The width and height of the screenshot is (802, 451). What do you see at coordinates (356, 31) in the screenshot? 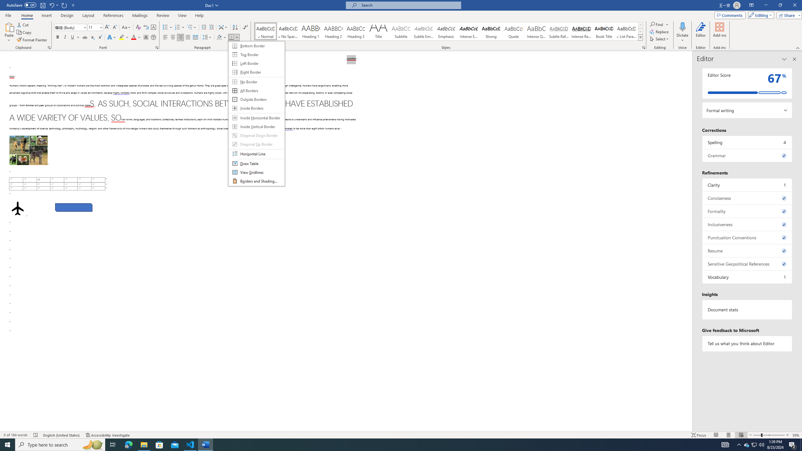
I see `'Heading 3'` at bounding box center [356, 31].